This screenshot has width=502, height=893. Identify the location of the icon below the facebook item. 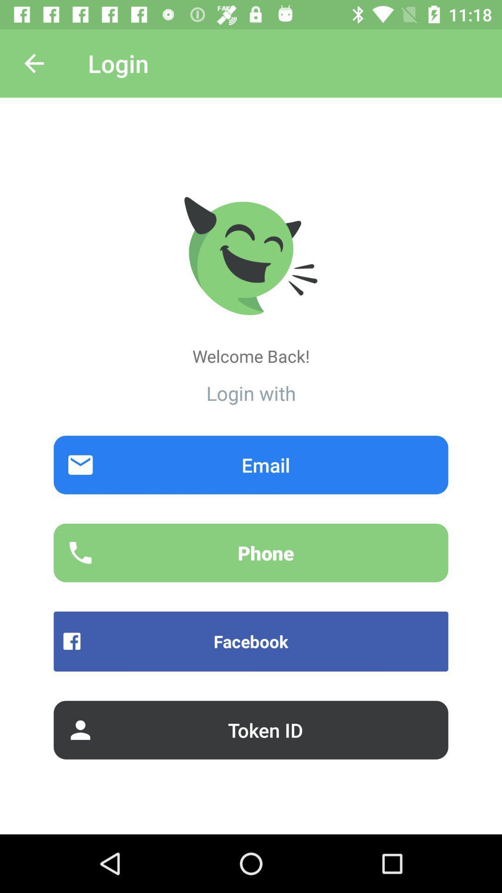
(251, 729).